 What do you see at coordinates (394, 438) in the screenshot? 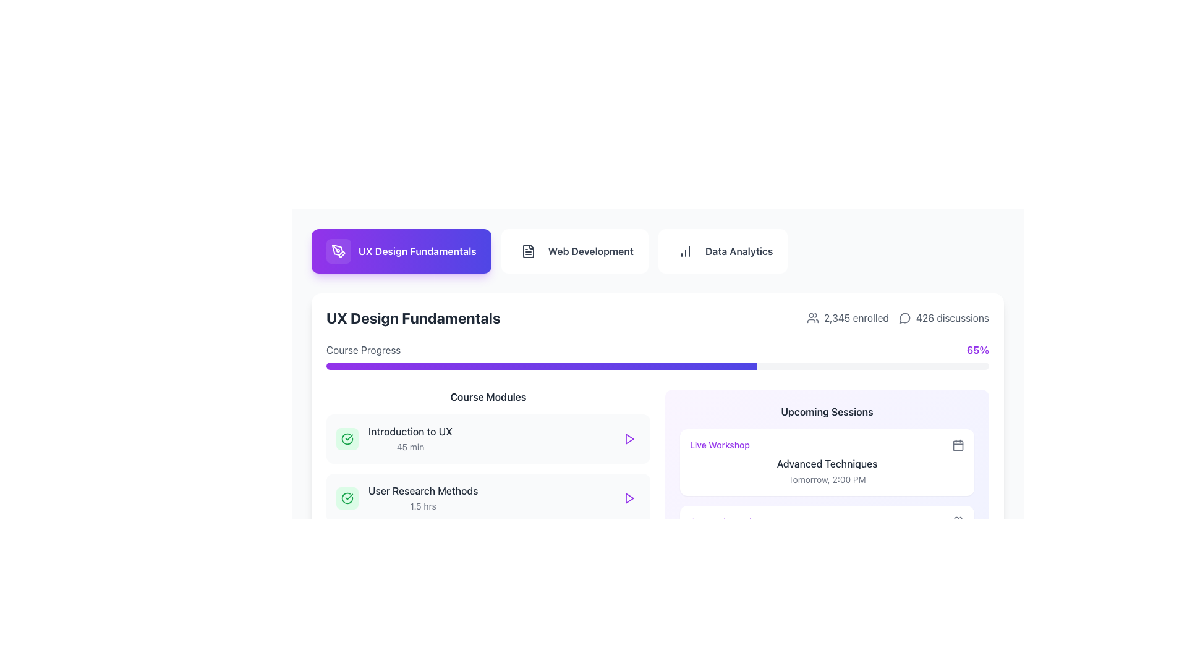
I see `the topmost module in the 'Course Modules' list, which displays the title 'Introduction to UX', the duration '45 min', and a green checkmark icon` at bounding box center [394, 438].